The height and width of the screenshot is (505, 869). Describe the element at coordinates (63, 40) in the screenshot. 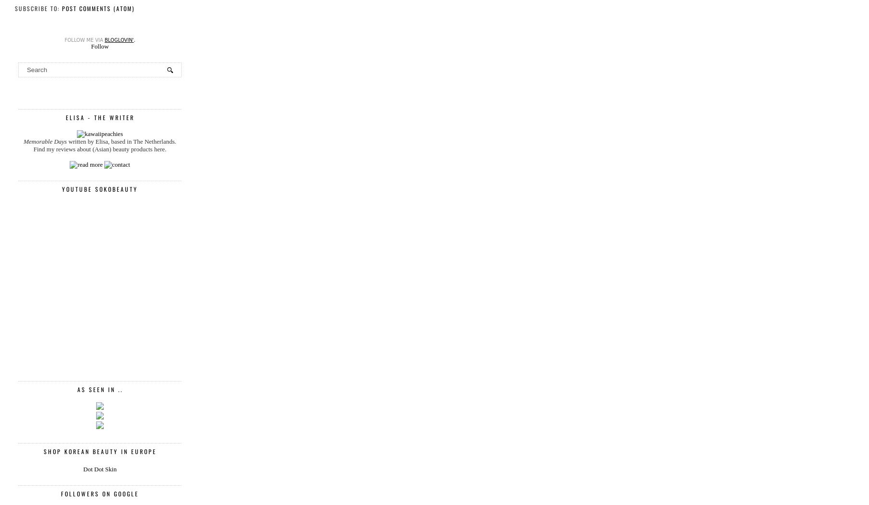

I see `'FOLLOW ME VIA'` at that location.